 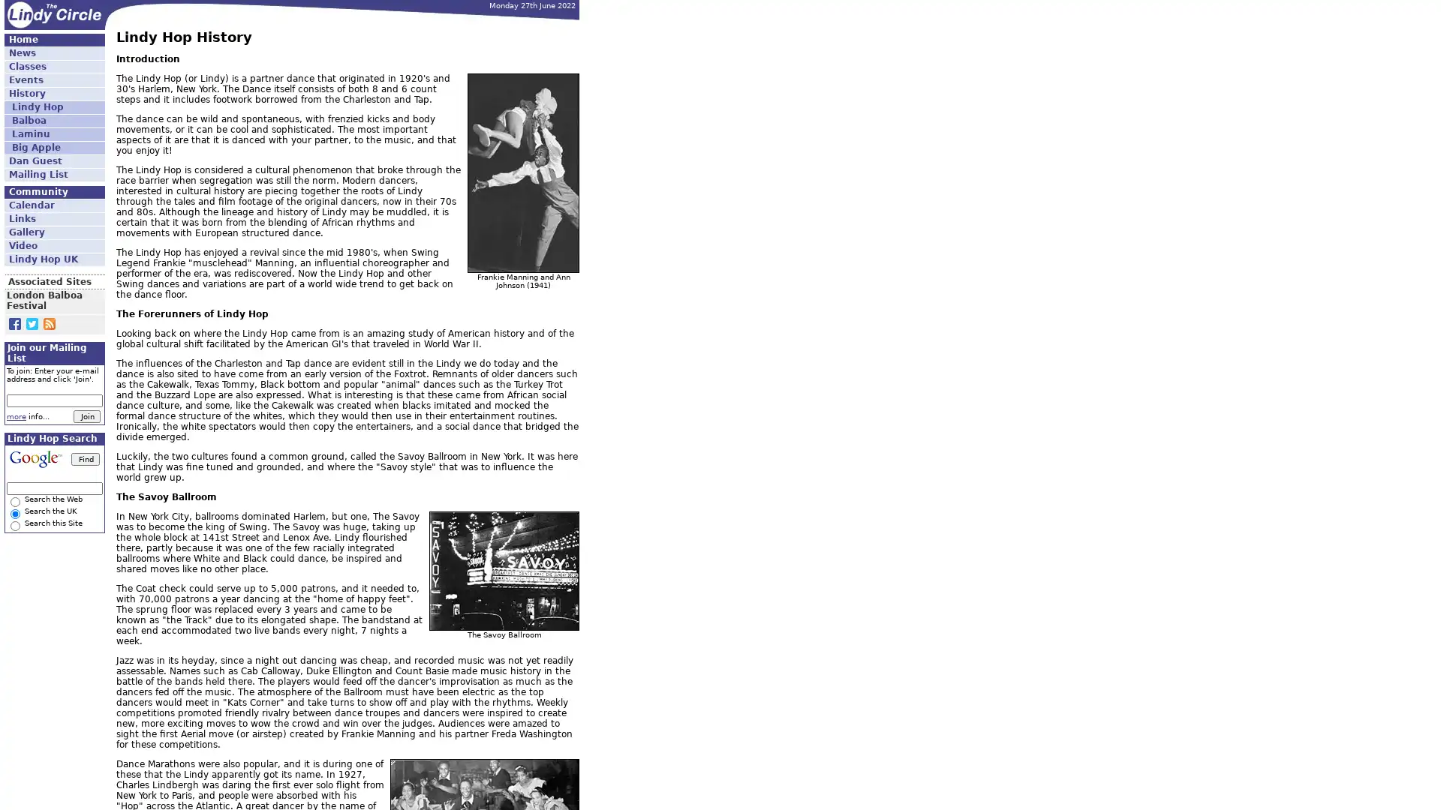 I want to click on Find, so click(x=85, y=457).